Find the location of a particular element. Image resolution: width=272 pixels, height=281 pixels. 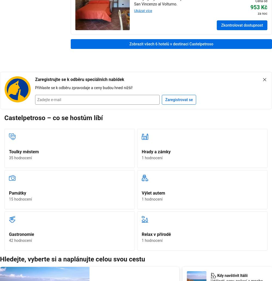

'Relax v přírodě' is located at coordinates (156, 234).